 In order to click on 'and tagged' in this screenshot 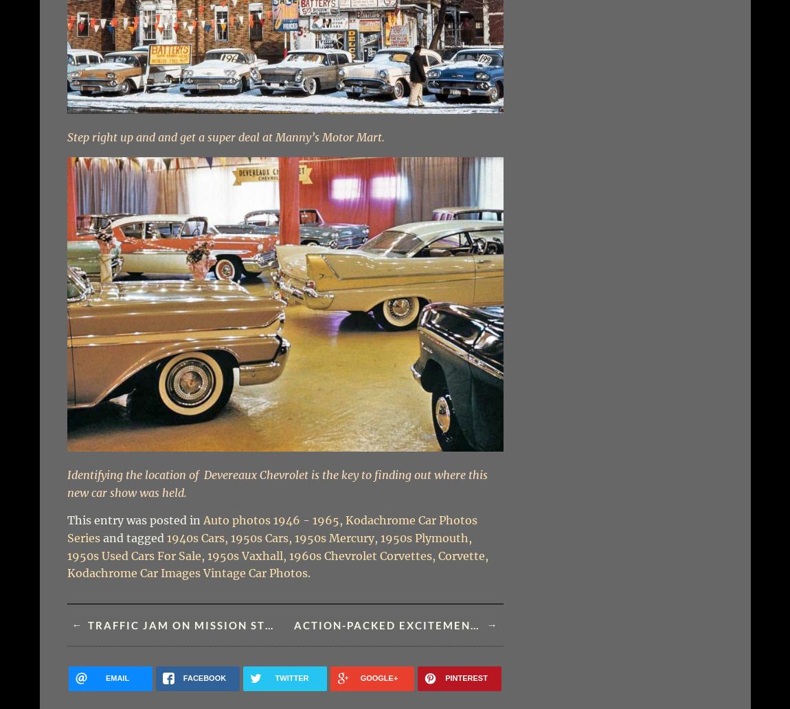, I will do `click(102, 538)`.